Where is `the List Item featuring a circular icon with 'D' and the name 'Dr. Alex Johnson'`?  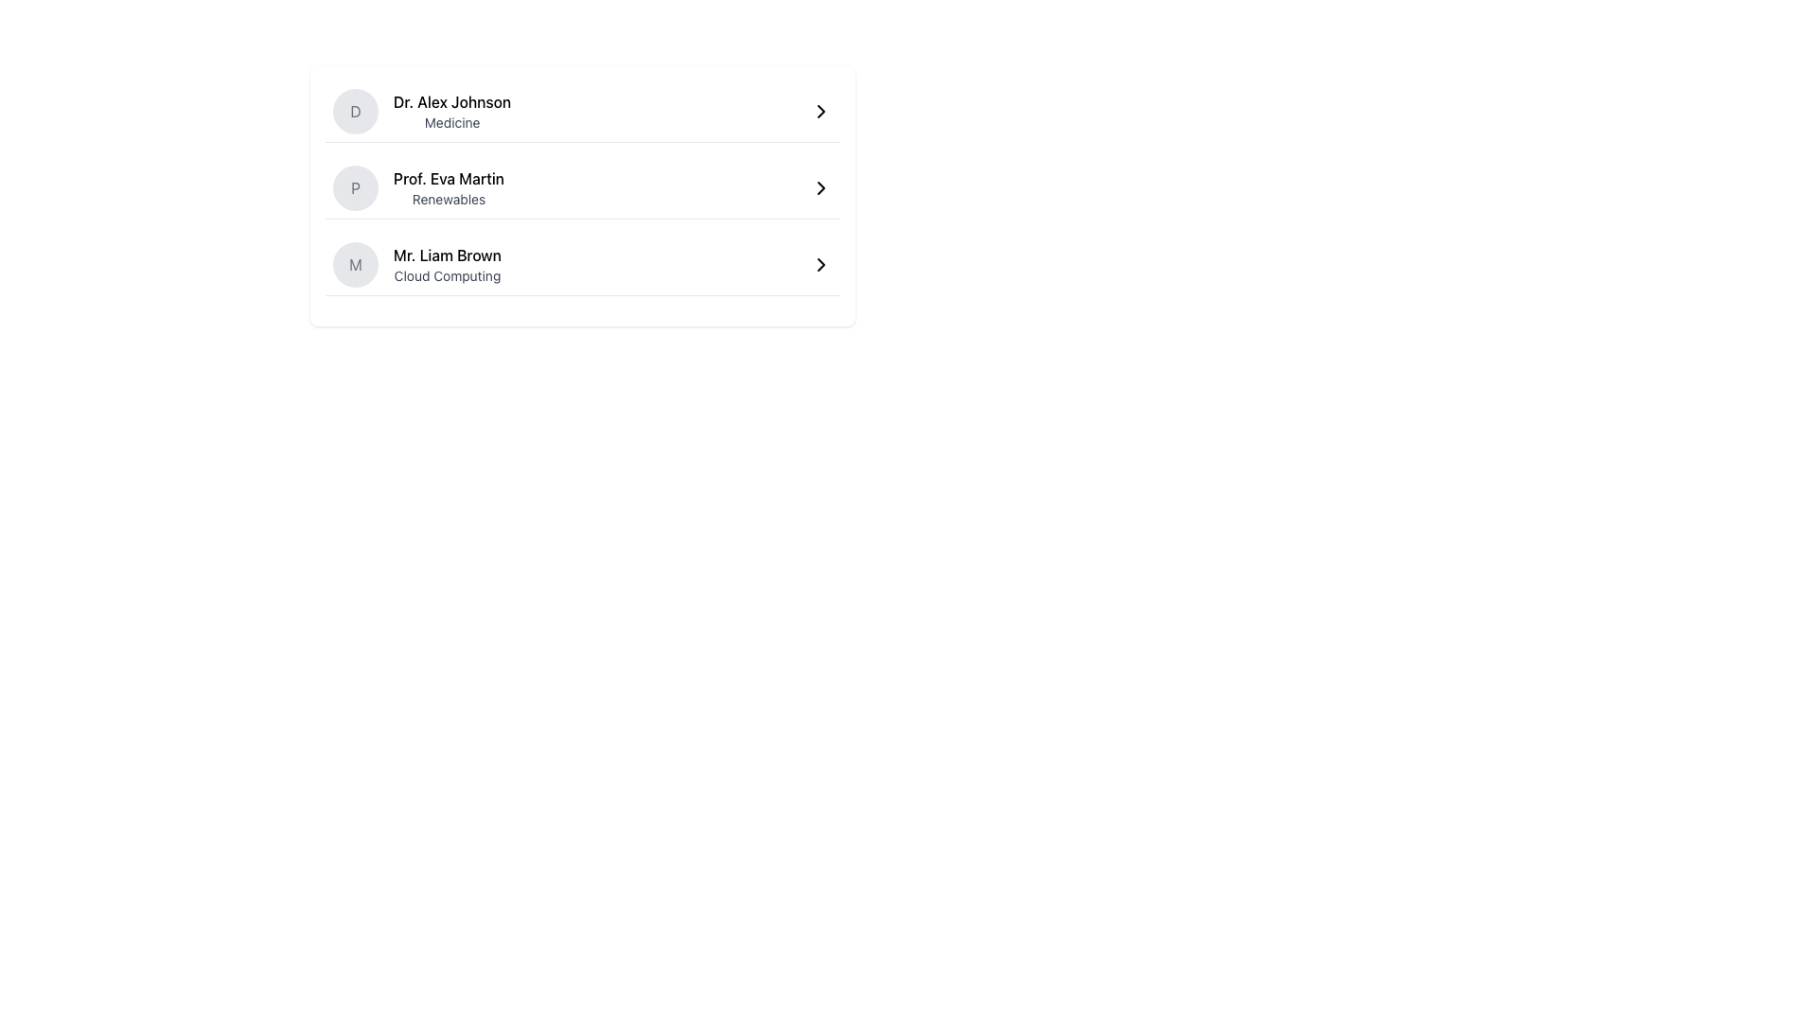 the List Item featuring a circular icon with 'D' and the name 'Dr. Alex Johnson' is located at coordinates (421, 112).